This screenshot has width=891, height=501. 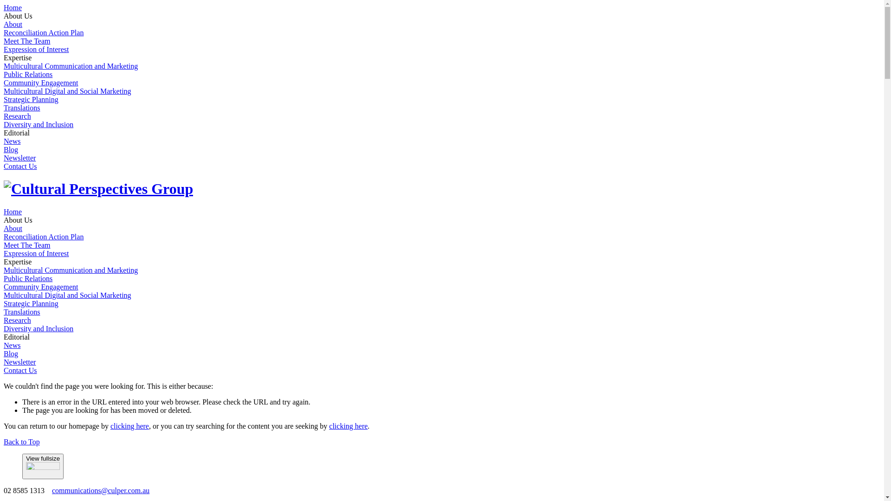 What do you see at coordinates (40, 82) in the screenshot?
I see `'Community Engagement'` at bounding box center [40, 82].